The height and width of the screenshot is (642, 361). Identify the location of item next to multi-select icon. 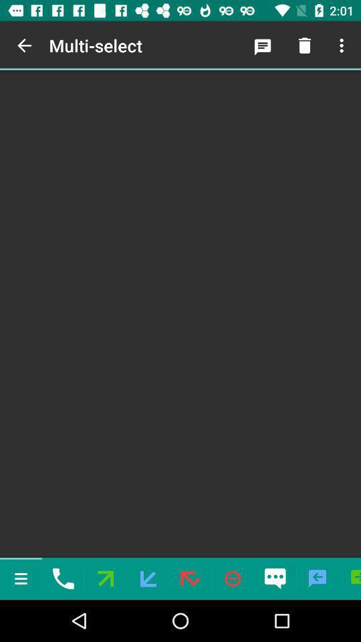
(24, 45).